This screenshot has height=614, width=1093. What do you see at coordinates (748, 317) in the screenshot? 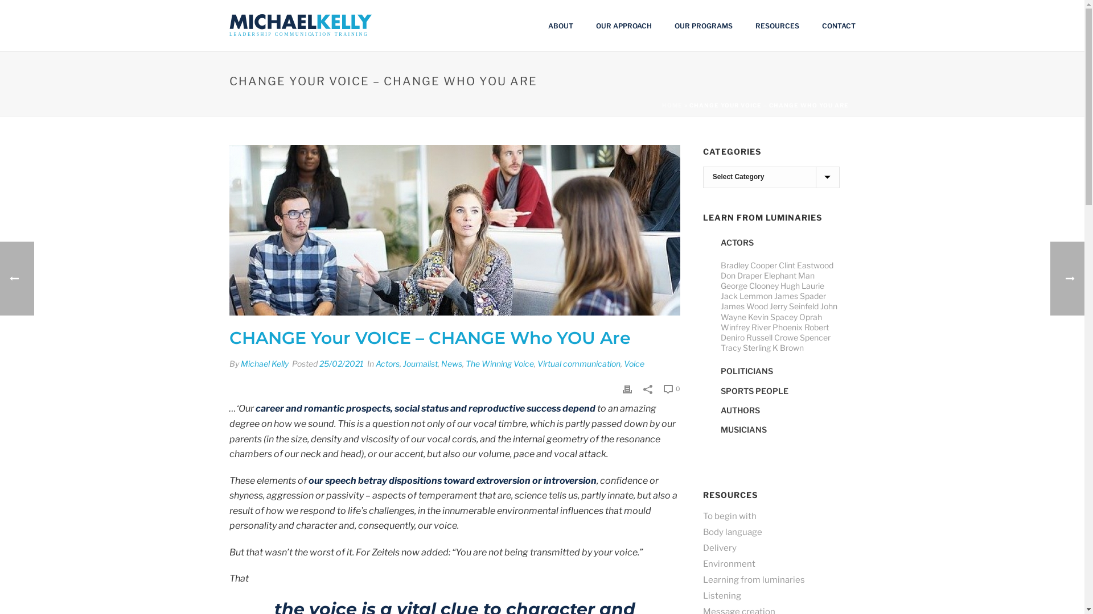
I see `'Kevin Spacey'` at bounding box center [748, 317].